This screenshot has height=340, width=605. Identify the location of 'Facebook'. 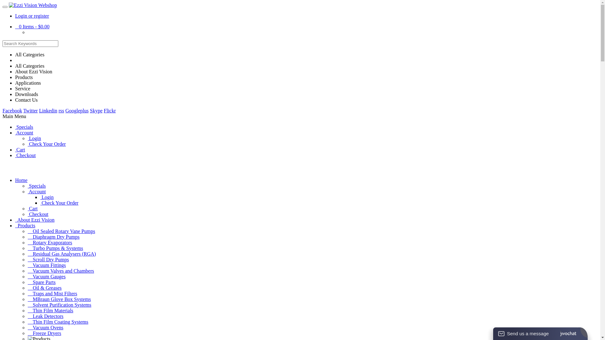
(12, 110).